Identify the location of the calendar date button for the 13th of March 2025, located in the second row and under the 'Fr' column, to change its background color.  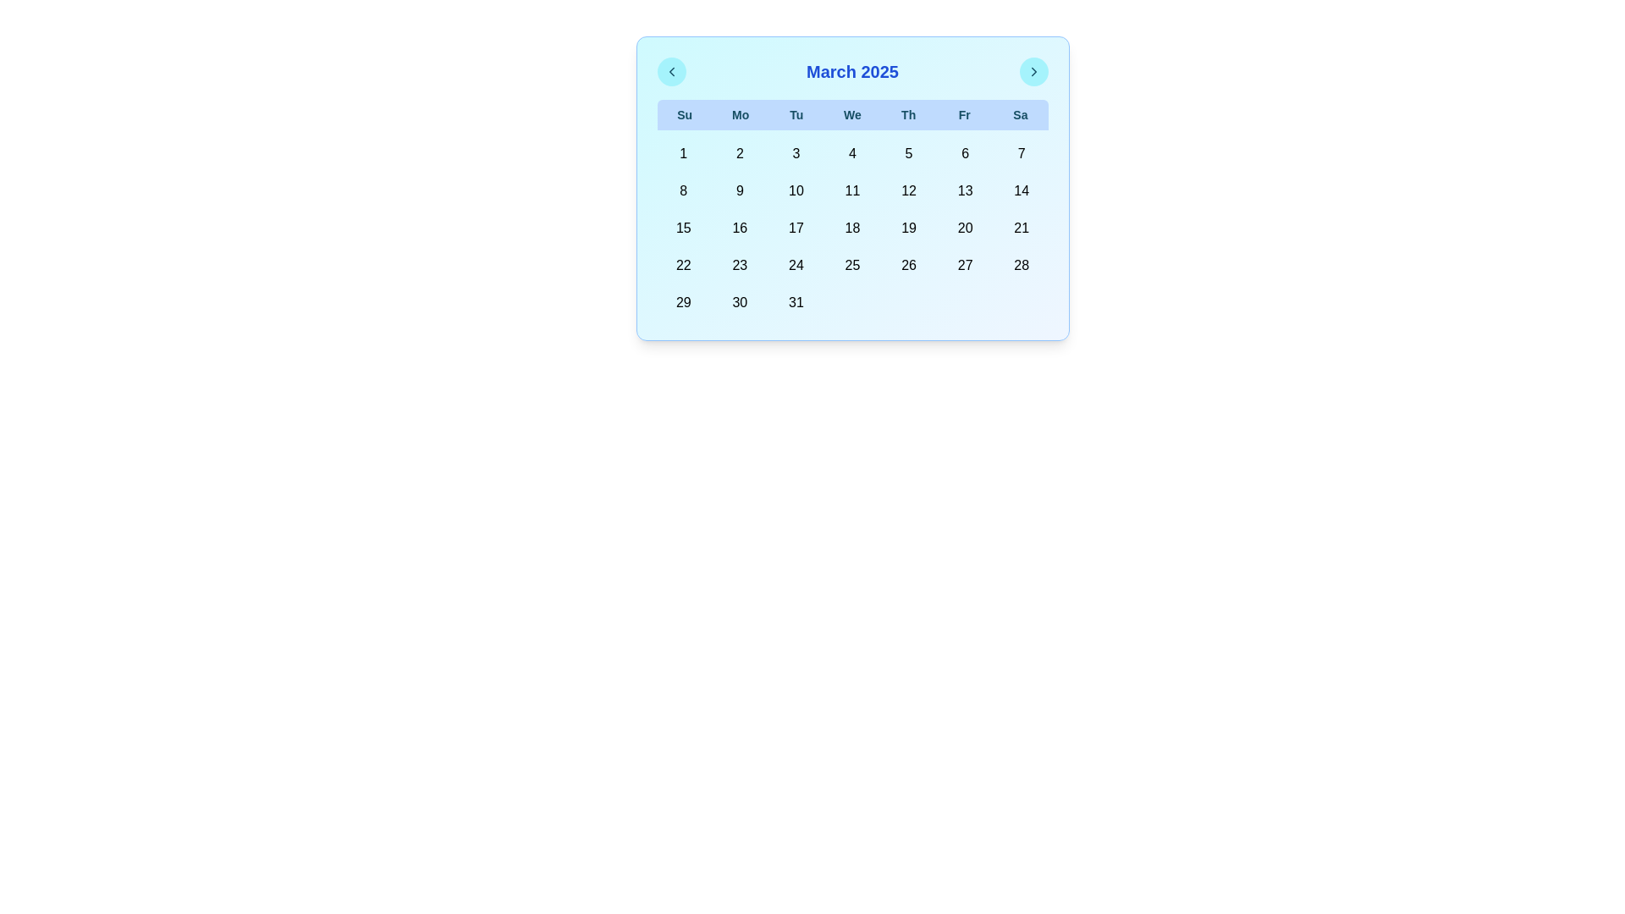
(965, 190).